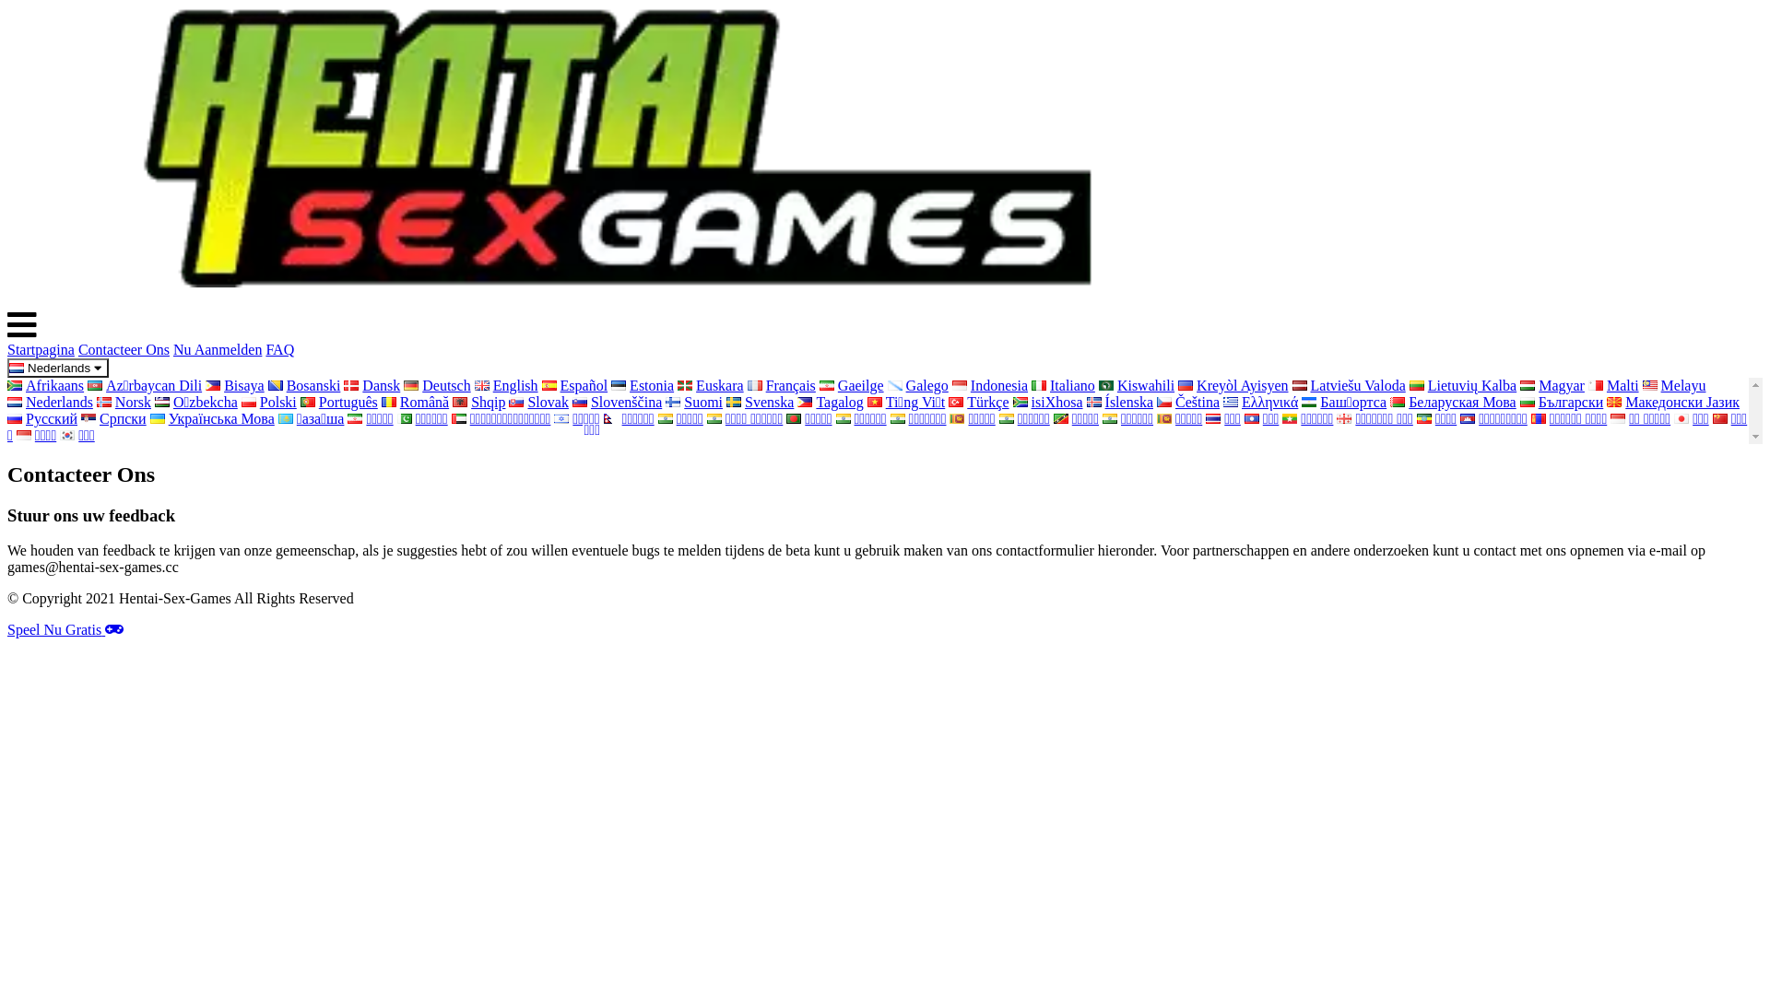 This screenshot has height=995, width=1770. What do you see at coordinates (693, 401) in the screenshot?
I see `'Suomi'` at bounding box center [693, 401].